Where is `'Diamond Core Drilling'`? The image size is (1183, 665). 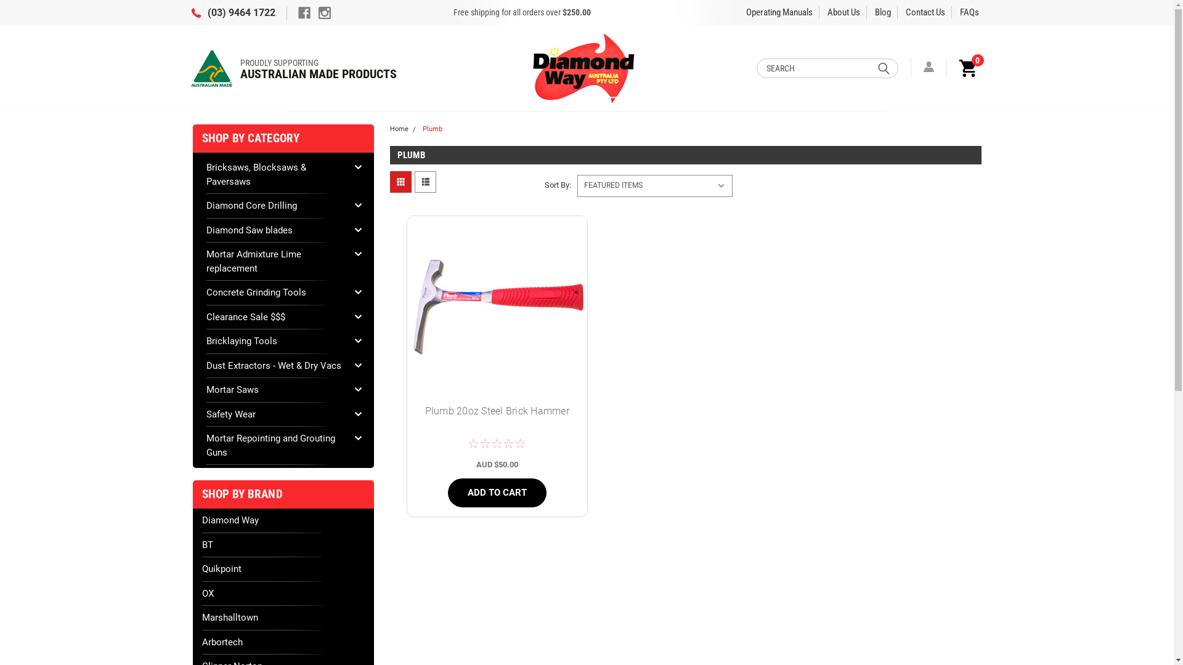
'Diamond Core Drilling' is located at coordinates (275, 205).